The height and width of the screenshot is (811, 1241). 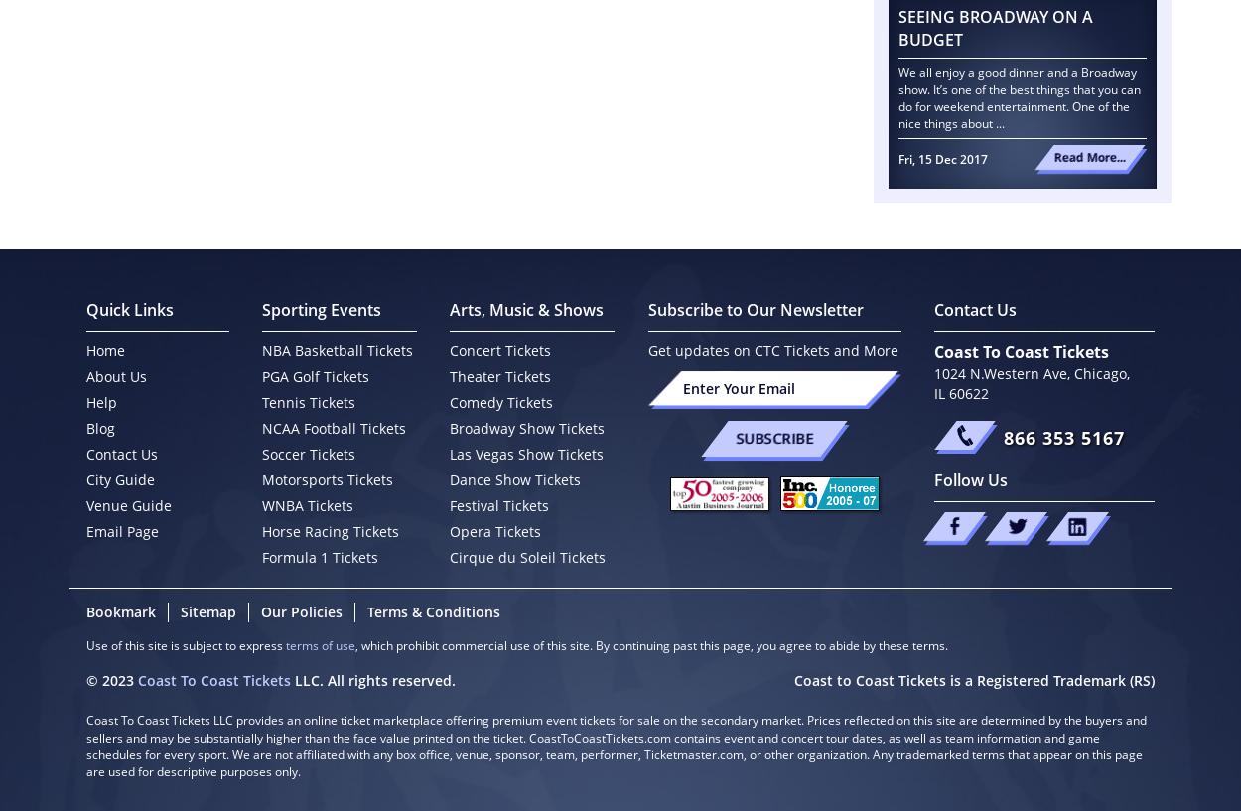 What do you see at coordinates (650, 645) in the screenshot?
I see `', which prohibit commercial use of this site.  By continuing past this page, you agree to abide by these terms.'` at bounding box center [650, 645].